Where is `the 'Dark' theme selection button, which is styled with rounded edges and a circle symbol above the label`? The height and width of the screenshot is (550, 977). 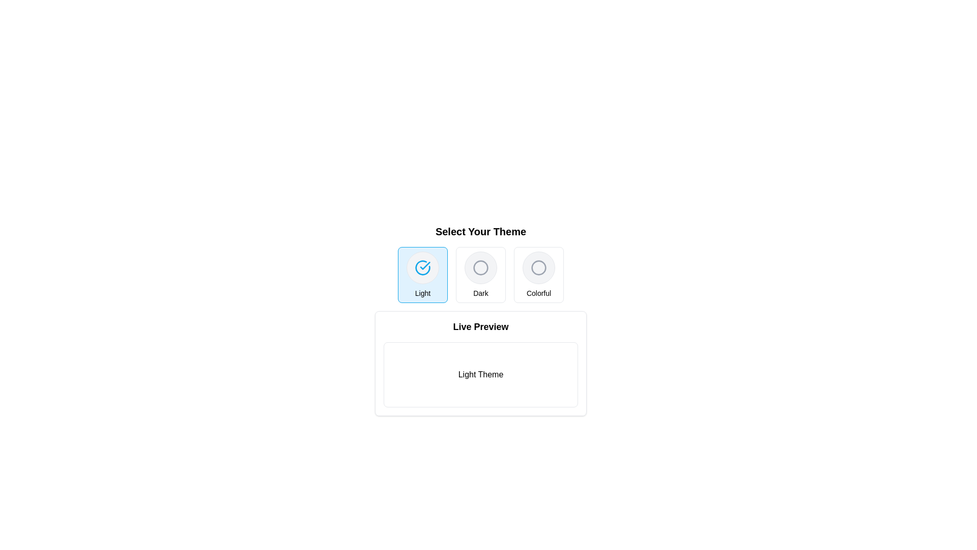 the 'Dark' theme selection button, which is styled with rounded edges and a circle symbol above the label is located at coordinates (480, 275).